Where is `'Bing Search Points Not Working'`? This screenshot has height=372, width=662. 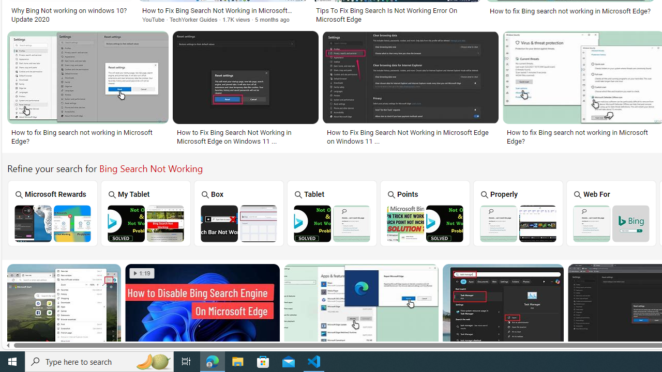
'Bing Search Points Not Working' is located at coordinates (425, 223).